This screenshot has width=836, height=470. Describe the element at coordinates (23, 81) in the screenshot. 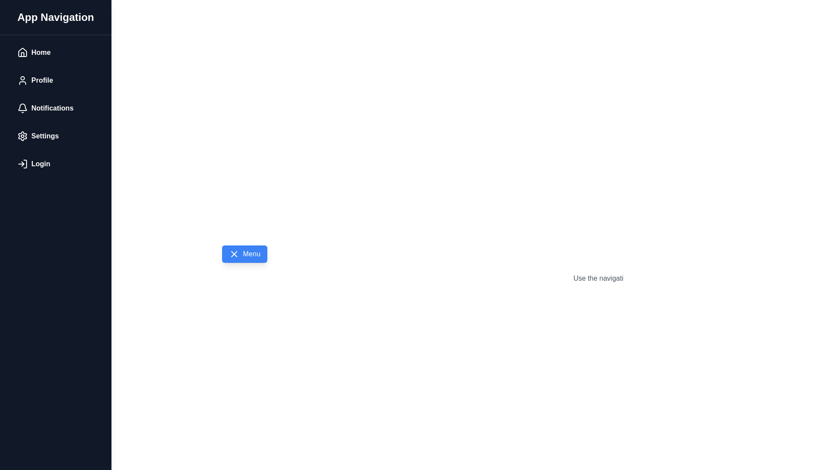

I see `the user silhouette icon located in the navigation menu, positioned to the left of the 'Profile' label` at that location.